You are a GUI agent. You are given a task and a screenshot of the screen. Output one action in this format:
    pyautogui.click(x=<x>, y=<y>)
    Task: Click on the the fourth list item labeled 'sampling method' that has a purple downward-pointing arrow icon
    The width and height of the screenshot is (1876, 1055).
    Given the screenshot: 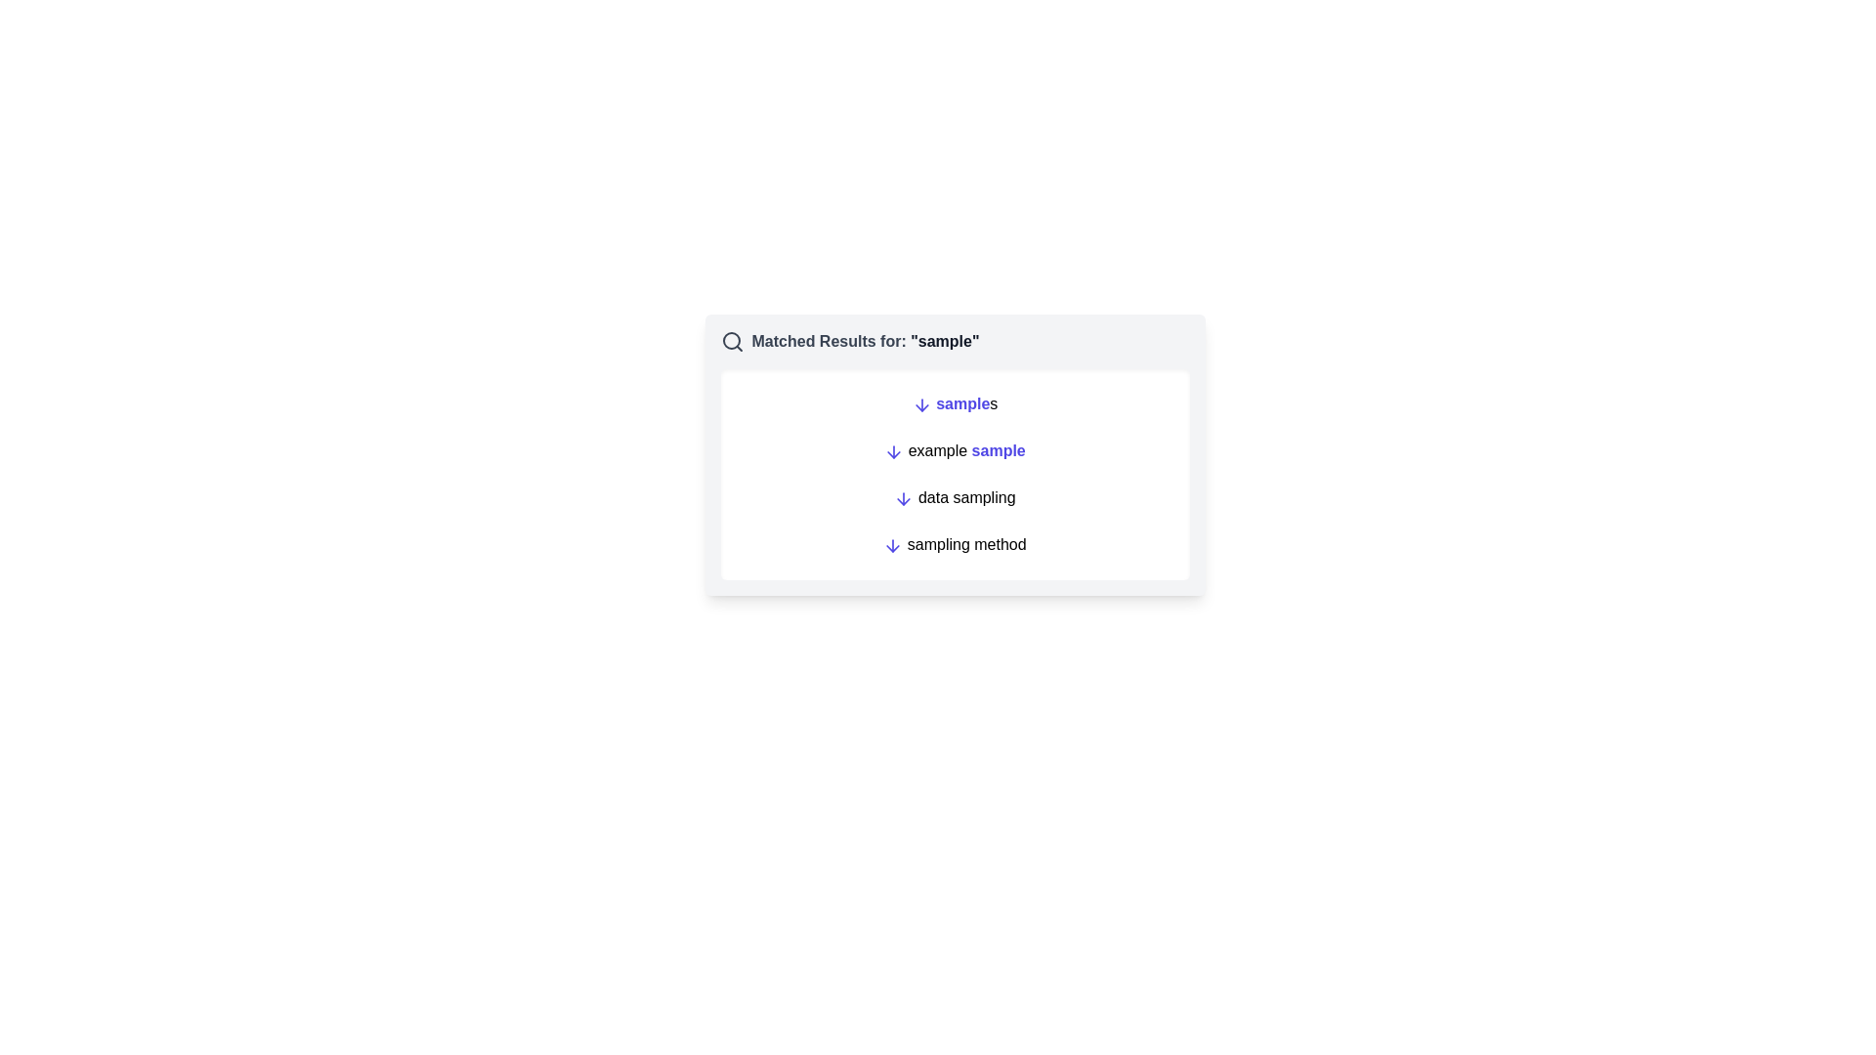 What is the action you would take?
    pyautogui.click(x=955, y=545)
    